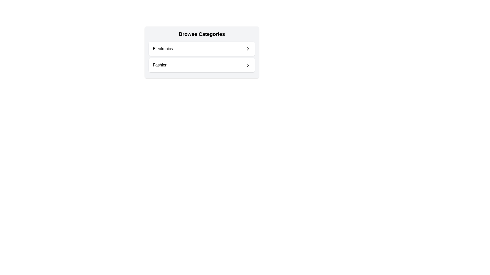 The image size is (490, 275). What do you see at coordinates (248, 65) in the screenshot?
I see `the chevron icon associated with the 'Fashion' category, which indicates further navigation options` at bounding box center [248, 65].